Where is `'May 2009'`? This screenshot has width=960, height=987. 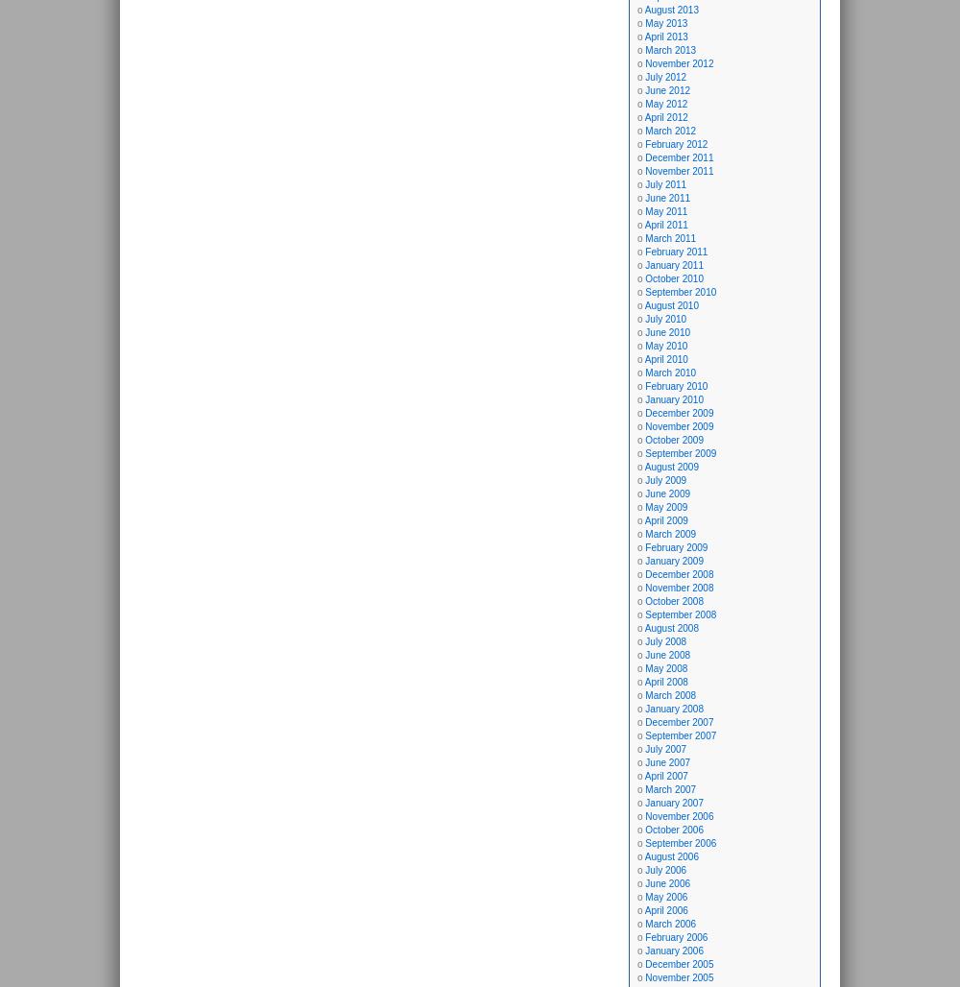 'May 2009' is located at coordinates (665, 507).